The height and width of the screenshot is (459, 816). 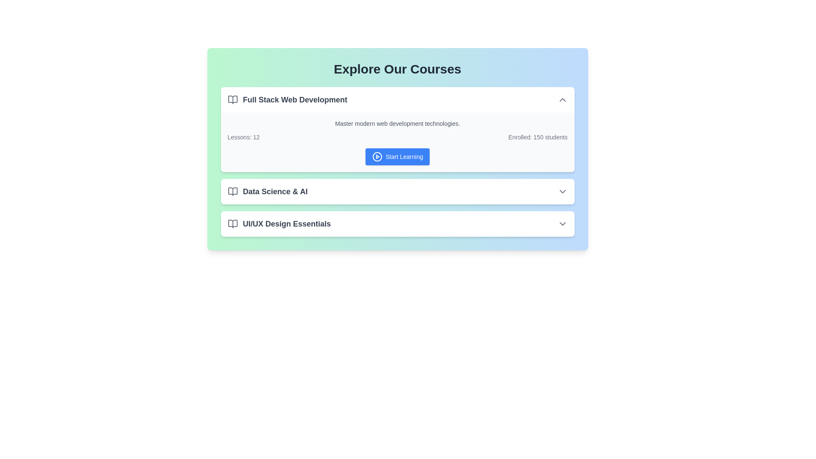 I want to click on the open book icon located near the left edge of the 'Full Stack Web Development' section, adjacent to the title text, so click(x=232, y=99).